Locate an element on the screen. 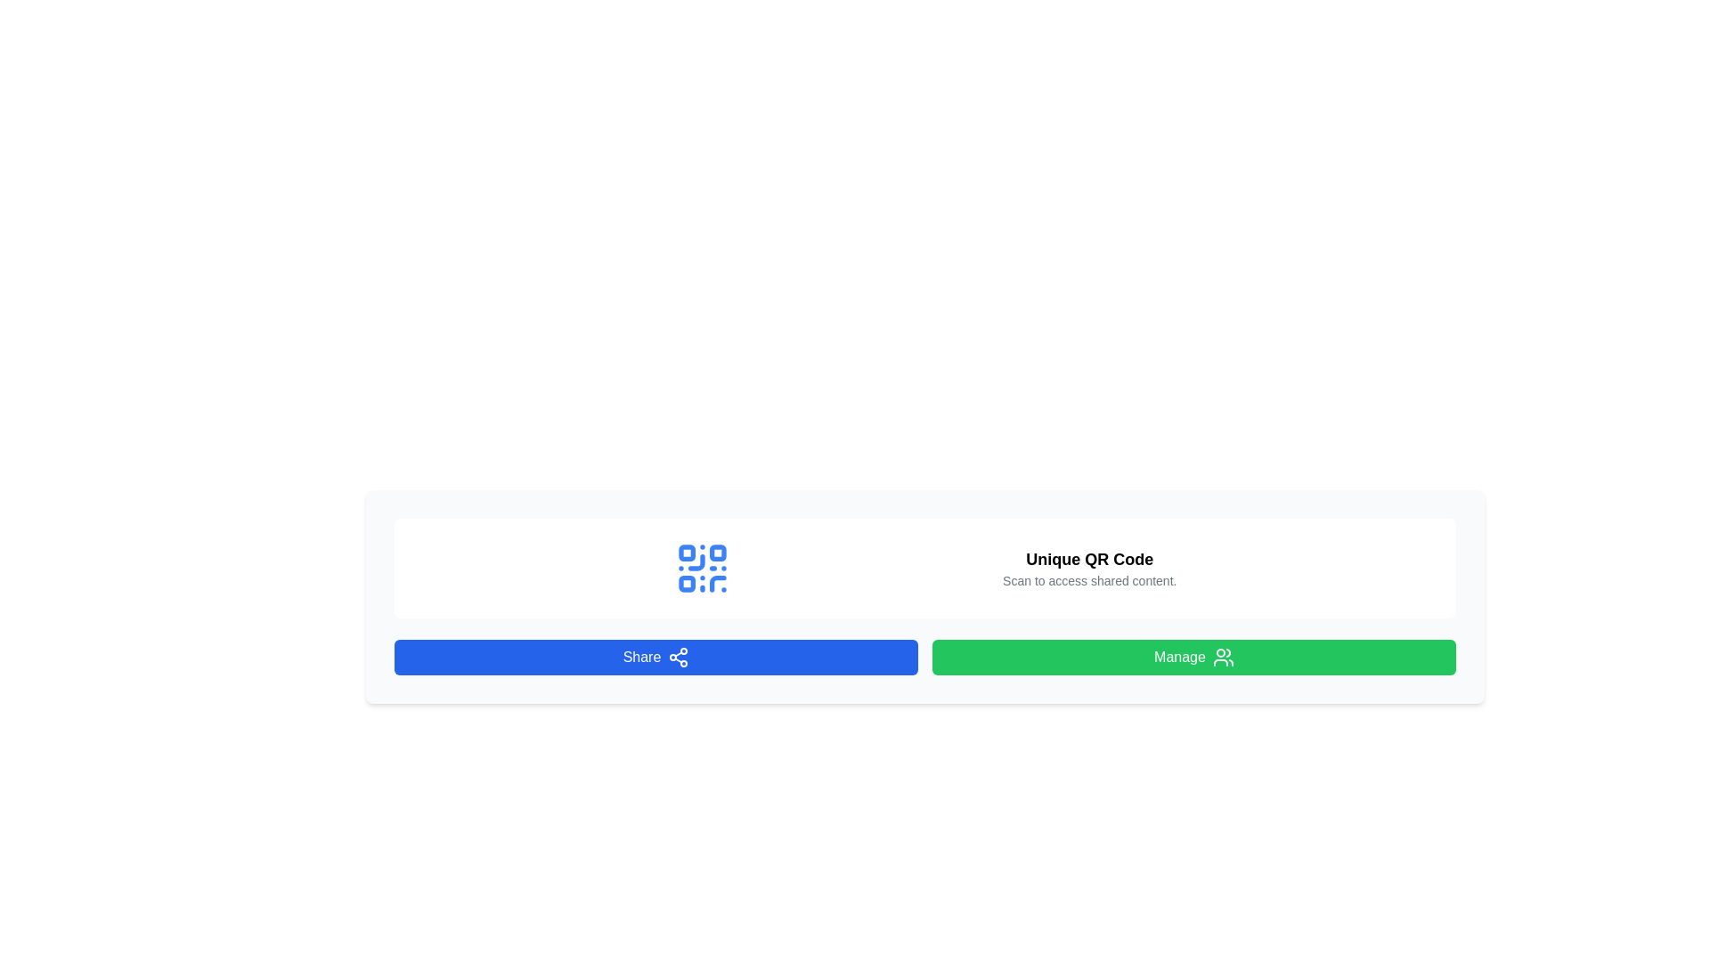 The width and height of the screenshot is (1710, 961). the blue 'Share' button with white text and sharing icon located is located at coordinates (655, 658).